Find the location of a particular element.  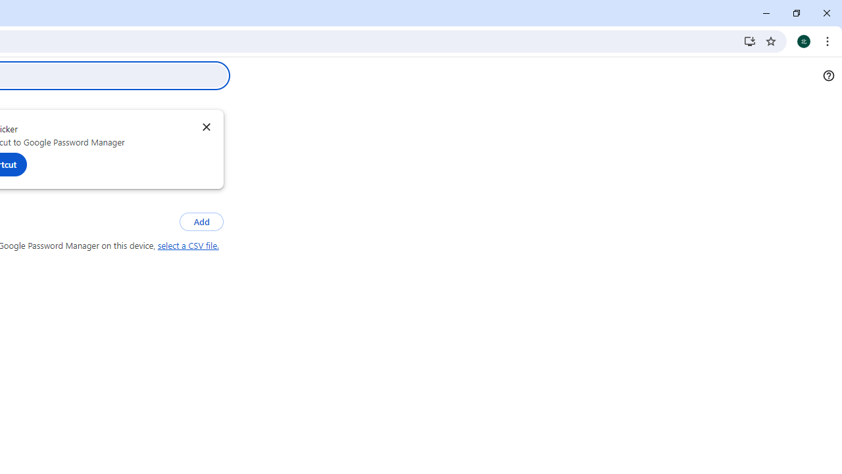

'Add' is located at coordinates (201, 221).